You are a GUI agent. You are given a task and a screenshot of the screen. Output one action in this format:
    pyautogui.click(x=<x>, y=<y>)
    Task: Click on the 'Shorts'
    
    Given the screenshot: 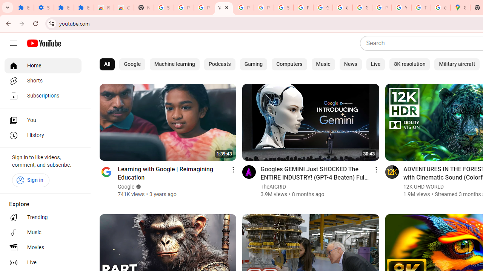 What is the action you would take?
    pyautogui.click(x=42, y=81)
    